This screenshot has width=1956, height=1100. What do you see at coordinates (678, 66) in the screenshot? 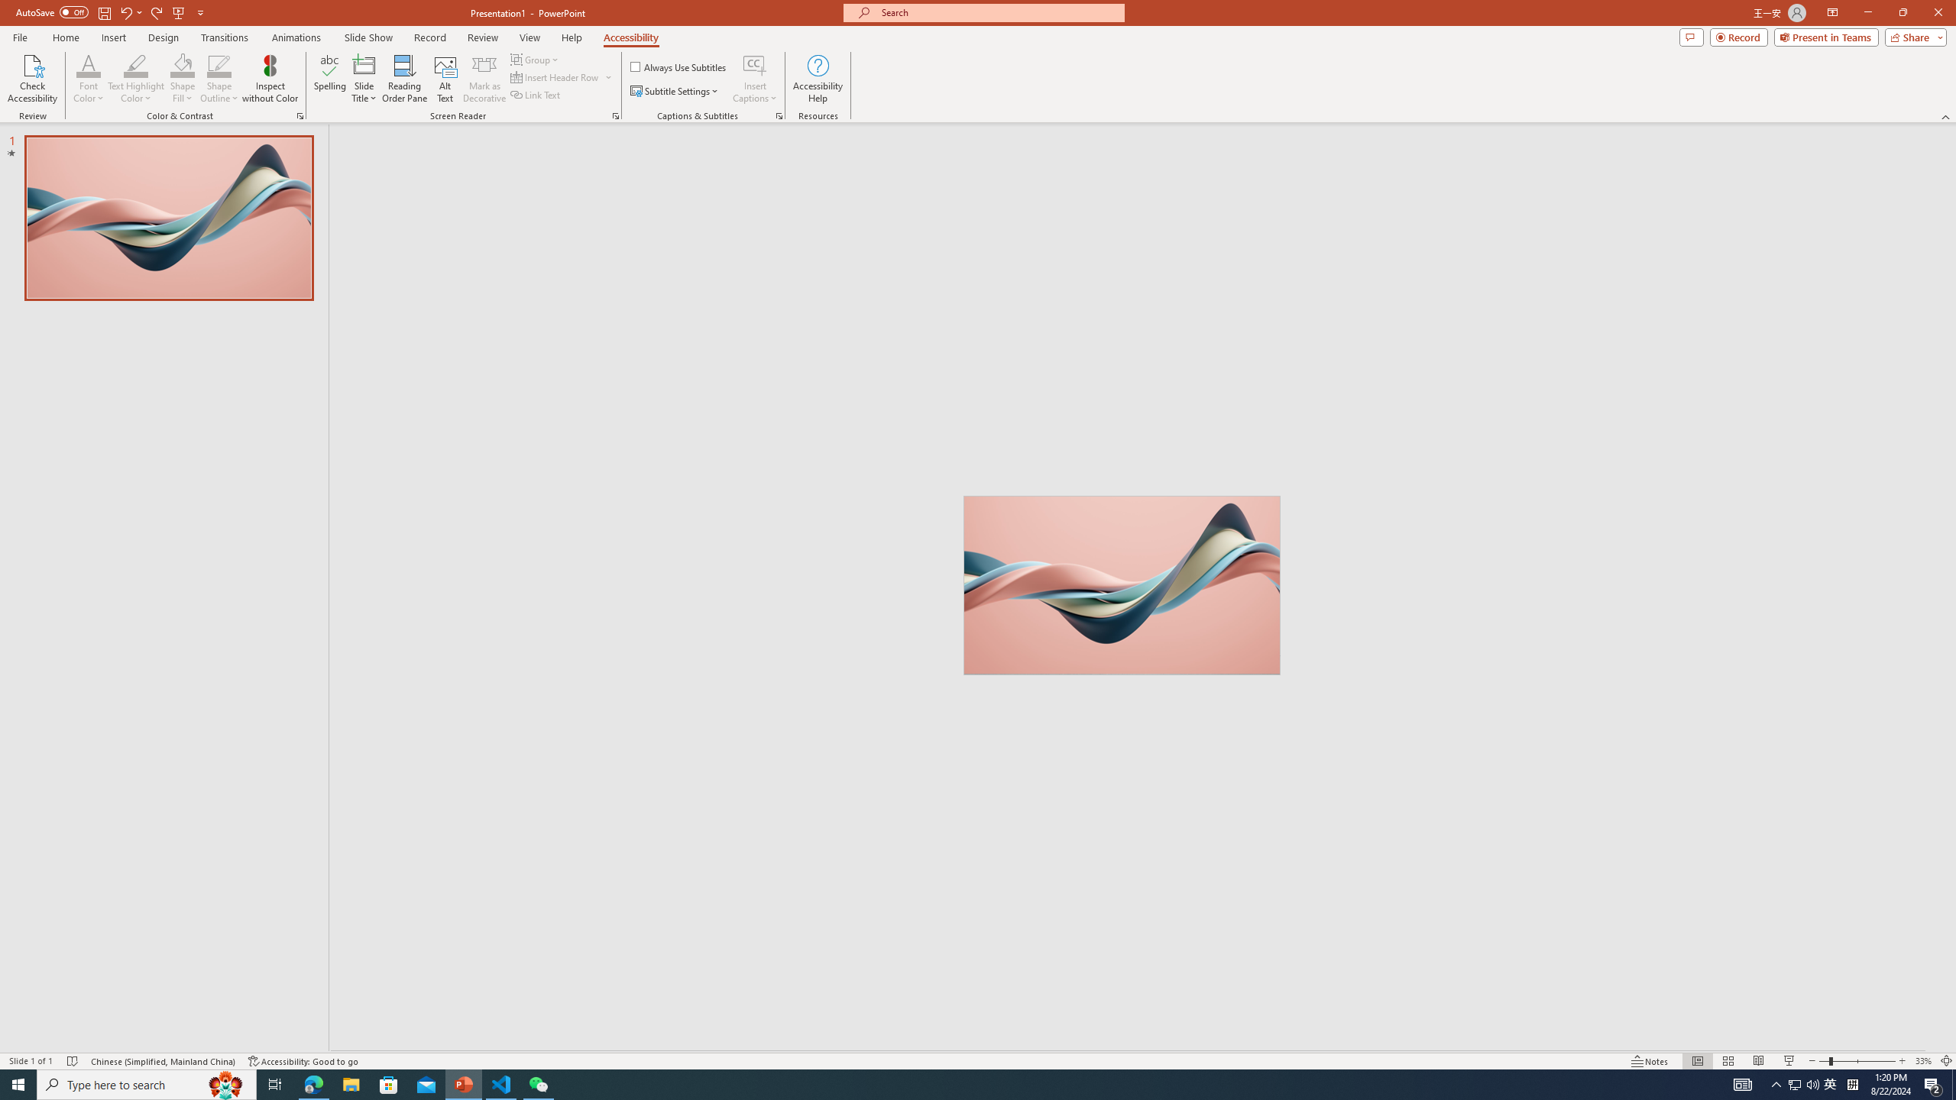
I see `'Always Use Subtitles'` at bounding box center [678, 66].